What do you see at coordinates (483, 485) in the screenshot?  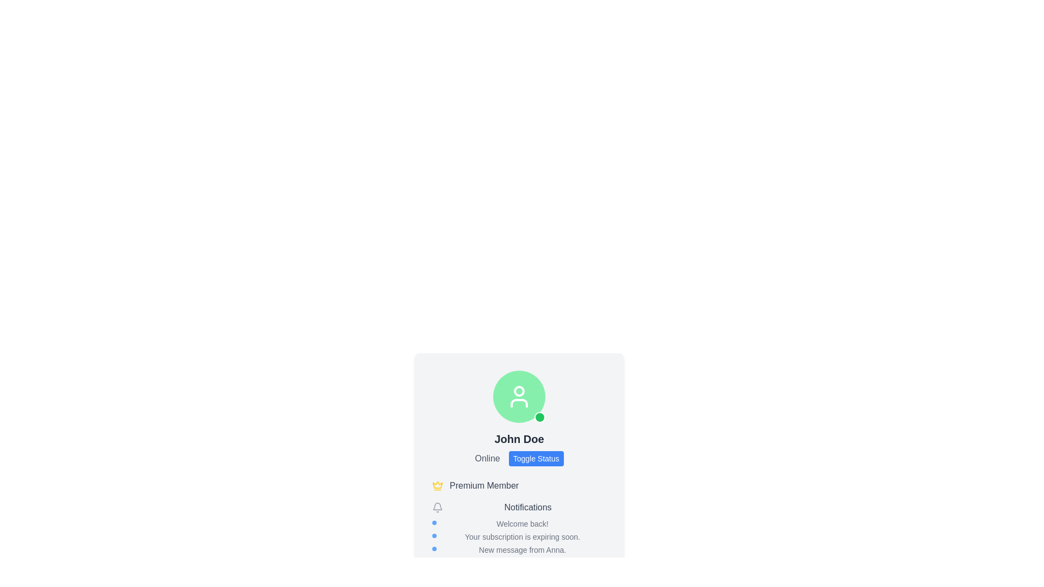 I see `text displayed in the 'Premium Member' label, which is a gray font located near the 'Notifications' section and aligned to a crown icon` at bounding box center [483, 485].